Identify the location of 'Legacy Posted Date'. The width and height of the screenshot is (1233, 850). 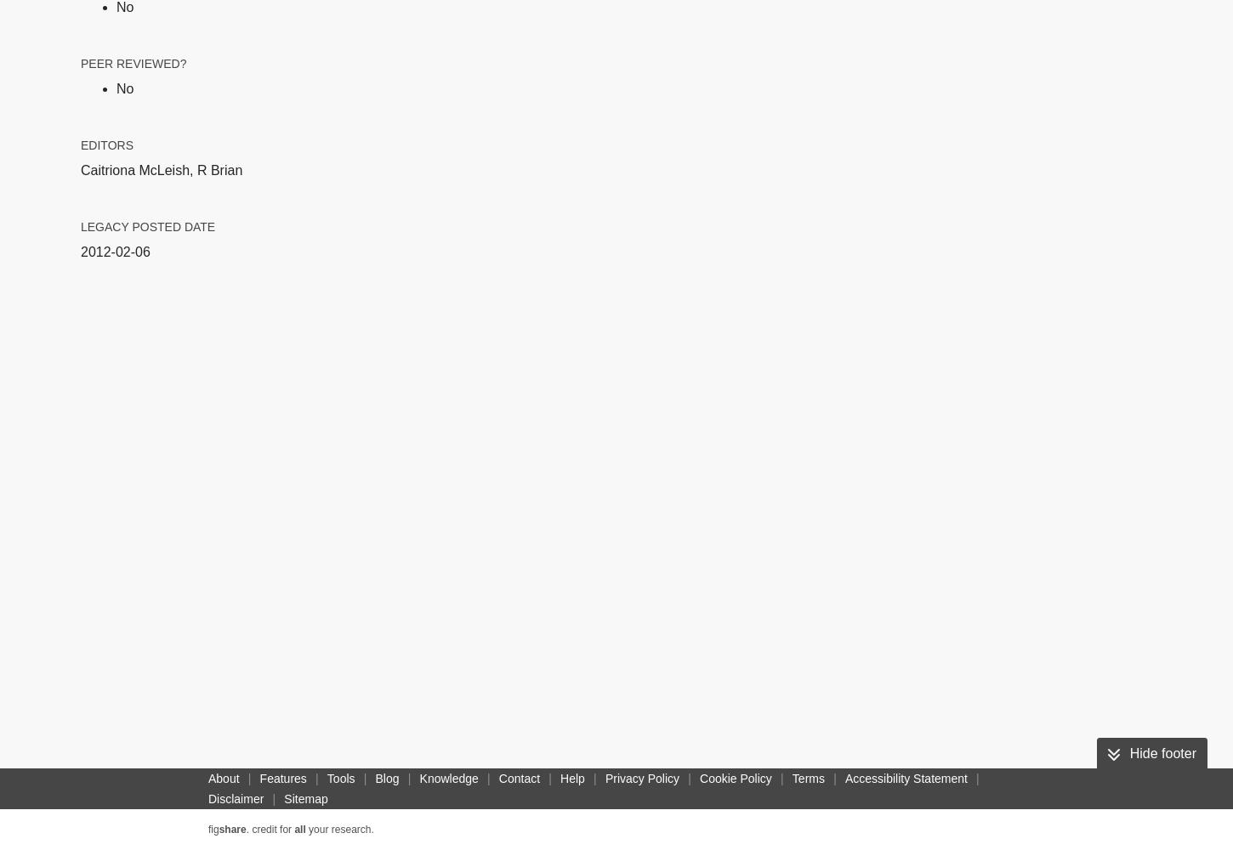
(147, 226).